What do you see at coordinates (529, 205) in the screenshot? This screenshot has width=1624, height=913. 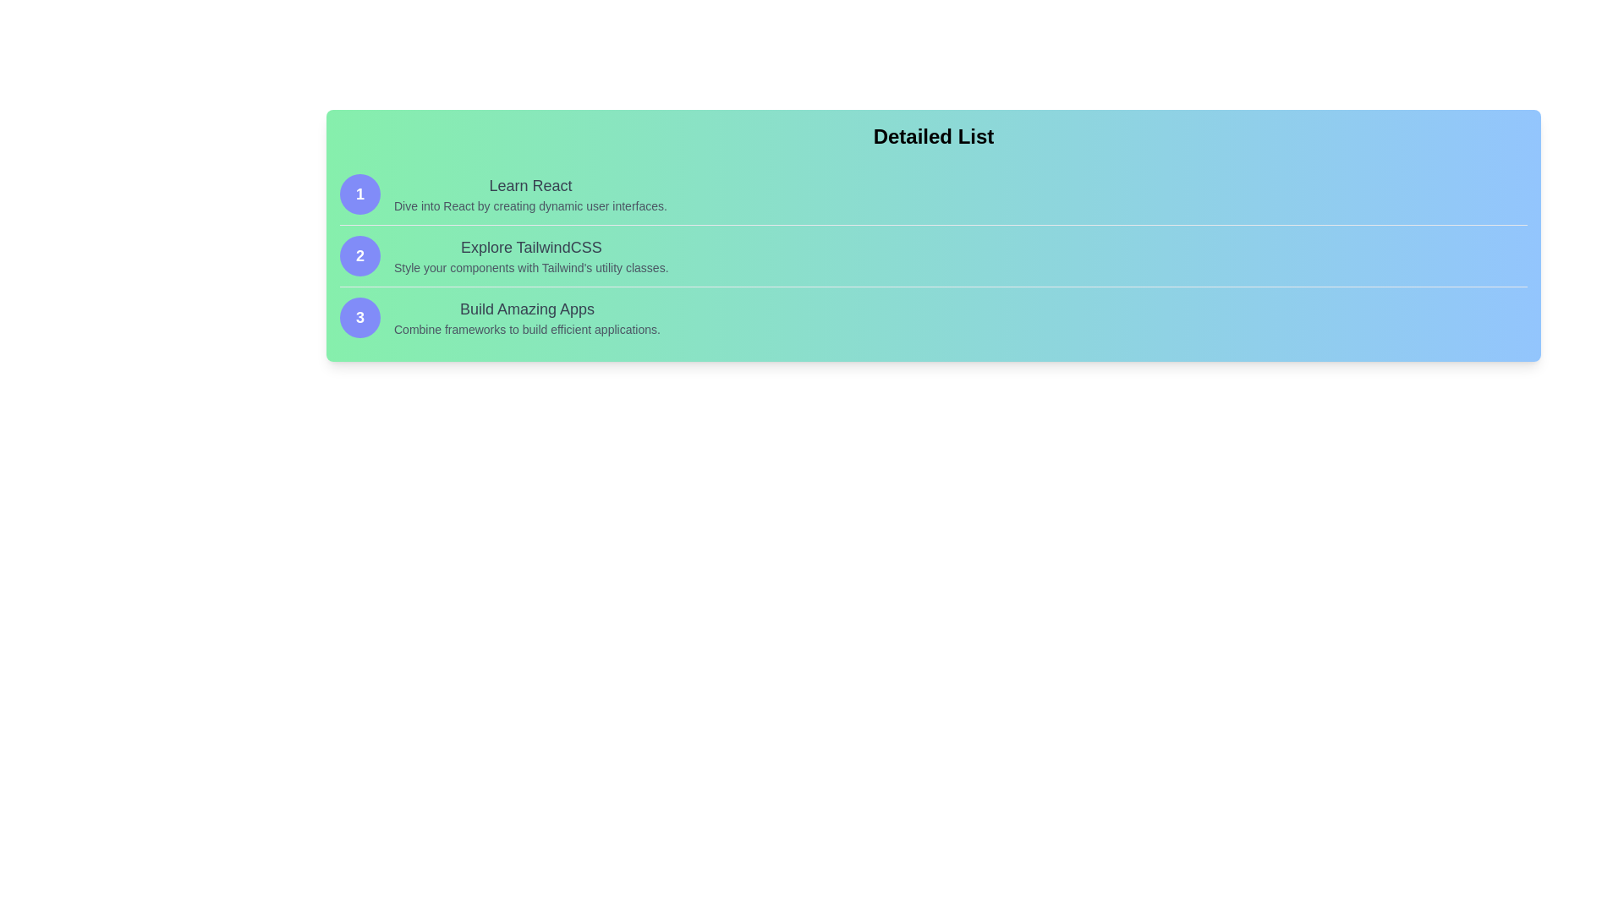 I see `the text label that provides supplementary details about the main heading 'Learn React', which is centrally positioned below the main title within the first section of the list` at bounding box center [529, 205].